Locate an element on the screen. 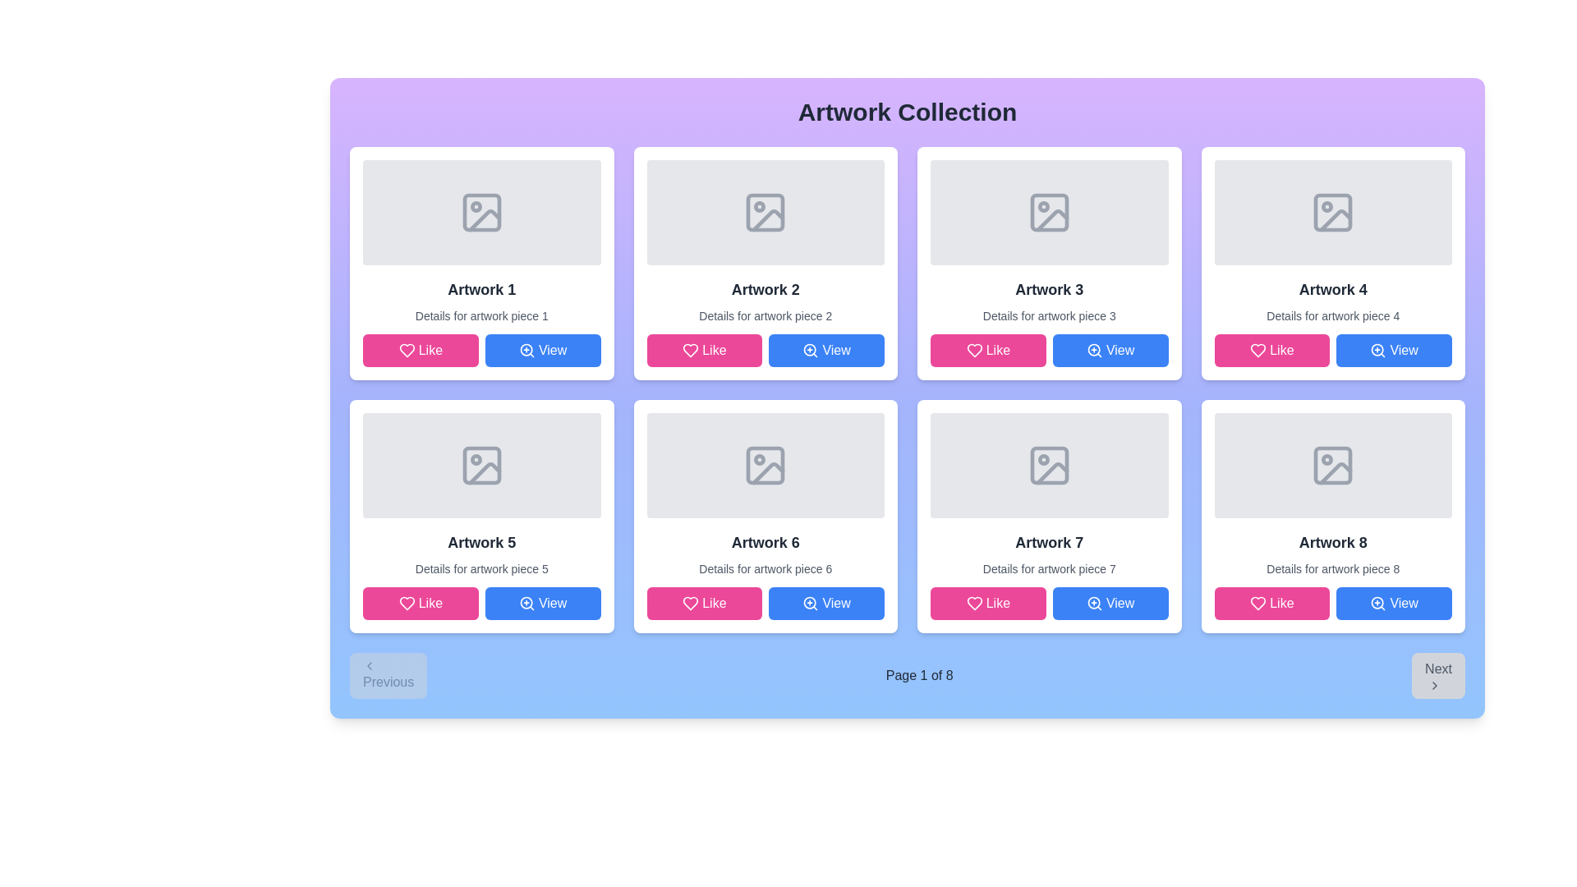  the 'Like' icon which indicates user engagement, located in the first row, third column of the card layout, to the left of the 'Like' caption is located at coordinates (974, 350).